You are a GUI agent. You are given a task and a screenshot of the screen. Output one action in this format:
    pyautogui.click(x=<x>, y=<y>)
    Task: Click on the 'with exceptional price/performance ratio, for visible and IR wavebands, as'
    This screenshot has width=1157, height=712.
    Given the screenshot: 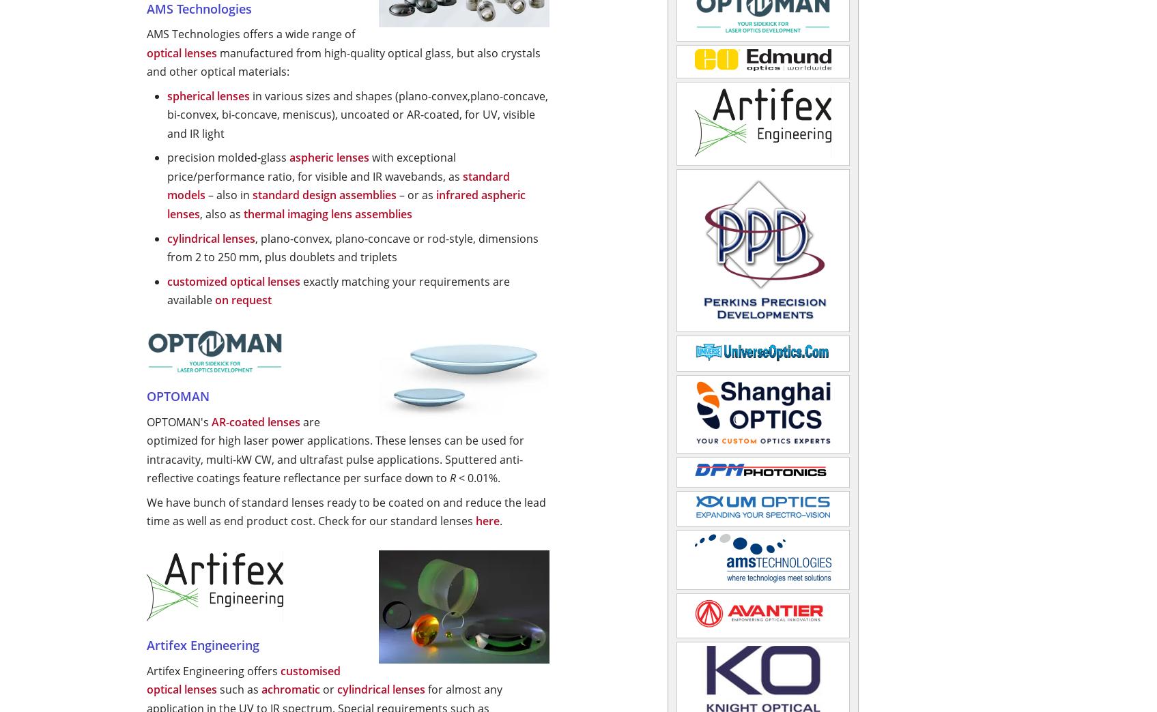 What is the action you would take?
    pyautogui.click(x=314, y=166)
    